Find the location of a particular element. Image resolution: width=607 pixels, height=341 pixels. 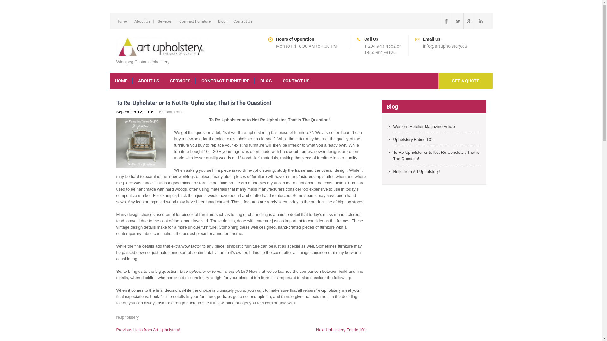

'BLOG' is located at coordinates (266, 80).